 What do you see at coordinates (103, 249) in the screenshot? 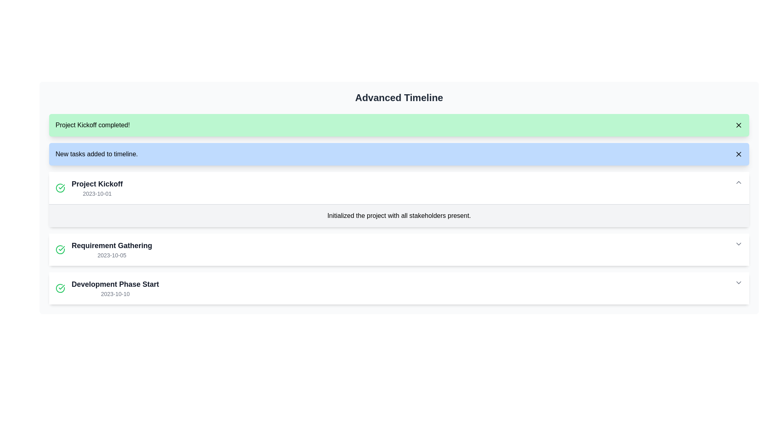
I see `the Labeled status indicator with the text 'Requirement Gathering'` at bounding box center [103, 249].